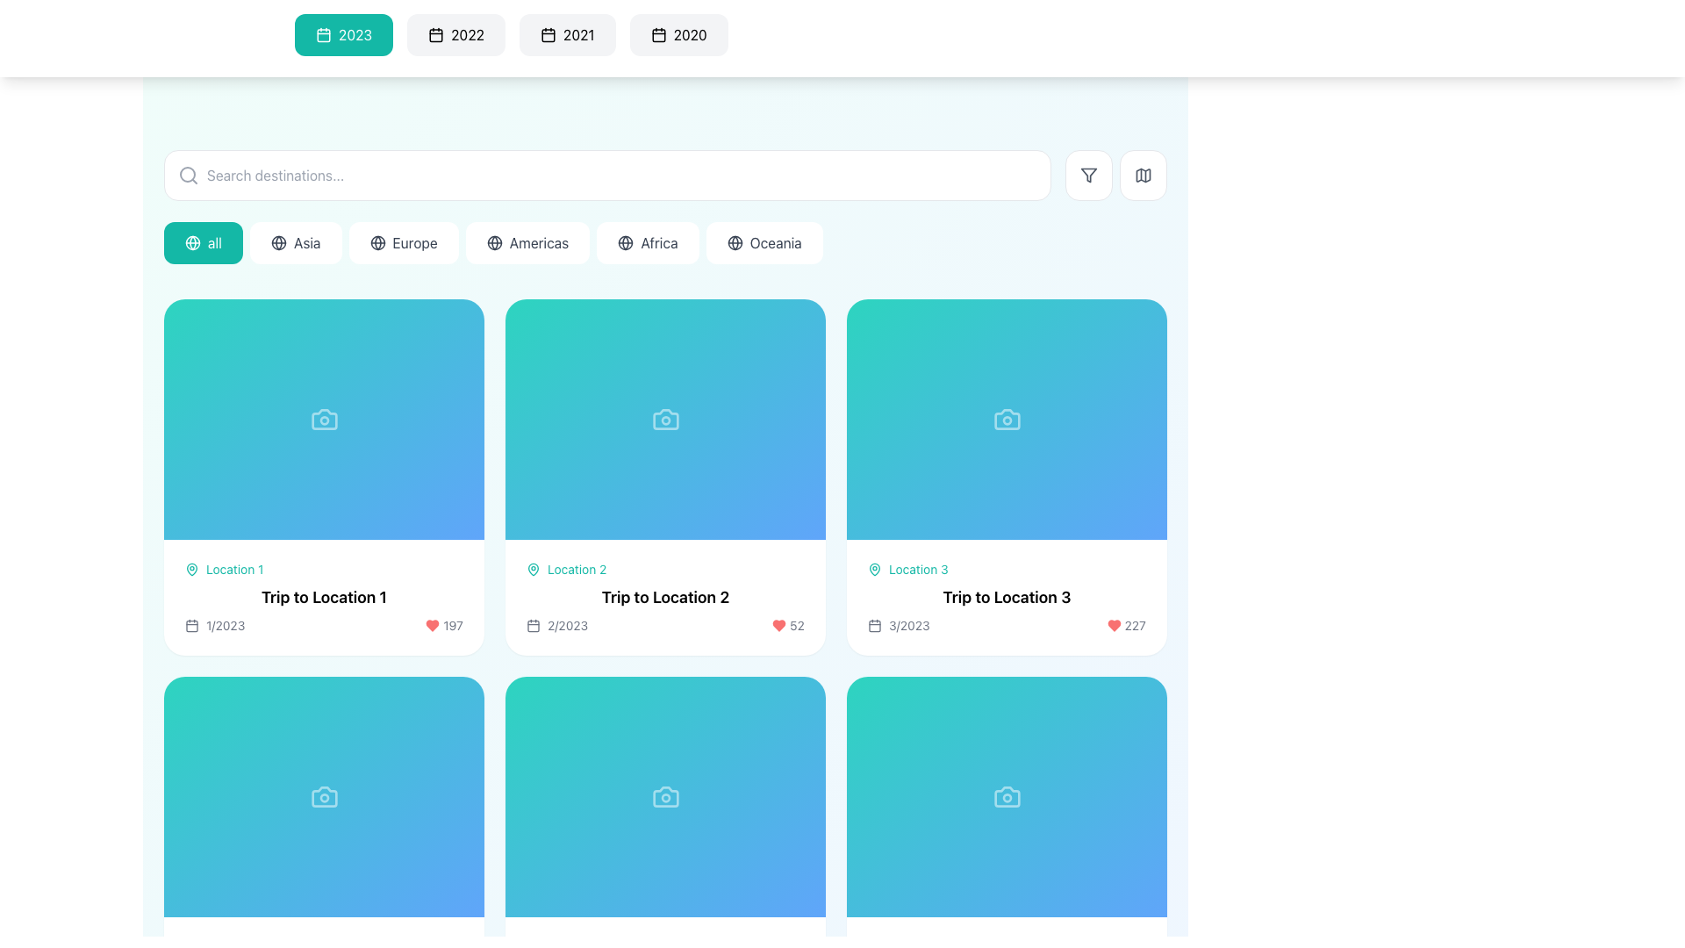  What do you see at coordinates (324, 34) in the screenshot?
I see `the calendar year selection button labeled '2023'` at bounding box center [324, 34].